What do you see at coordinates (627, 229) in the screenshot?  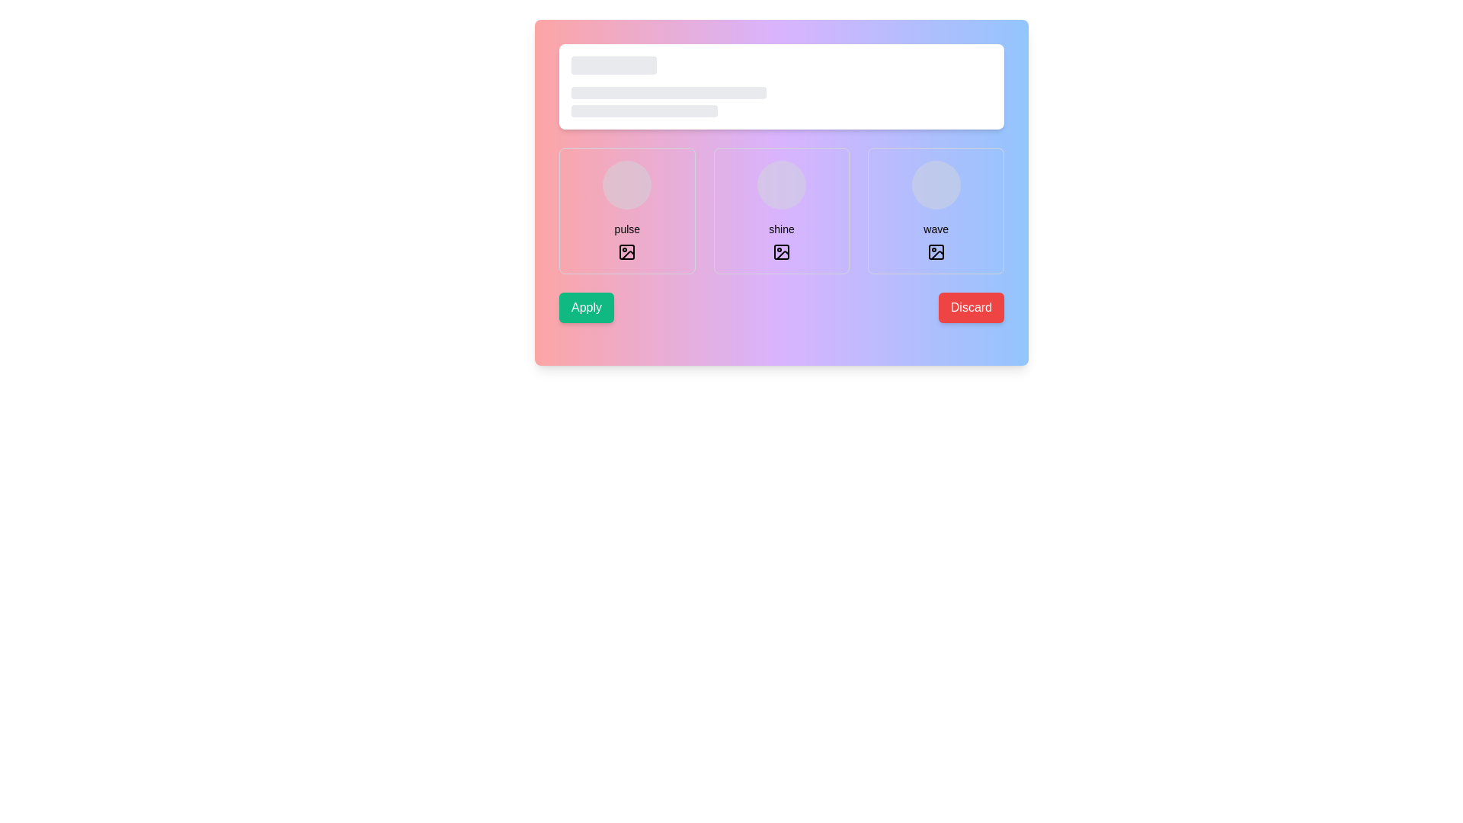 I see `the text label displaying 'pulse' which is positioned under a circular placeholder and above an image icon` at bounding box center [627, 229].